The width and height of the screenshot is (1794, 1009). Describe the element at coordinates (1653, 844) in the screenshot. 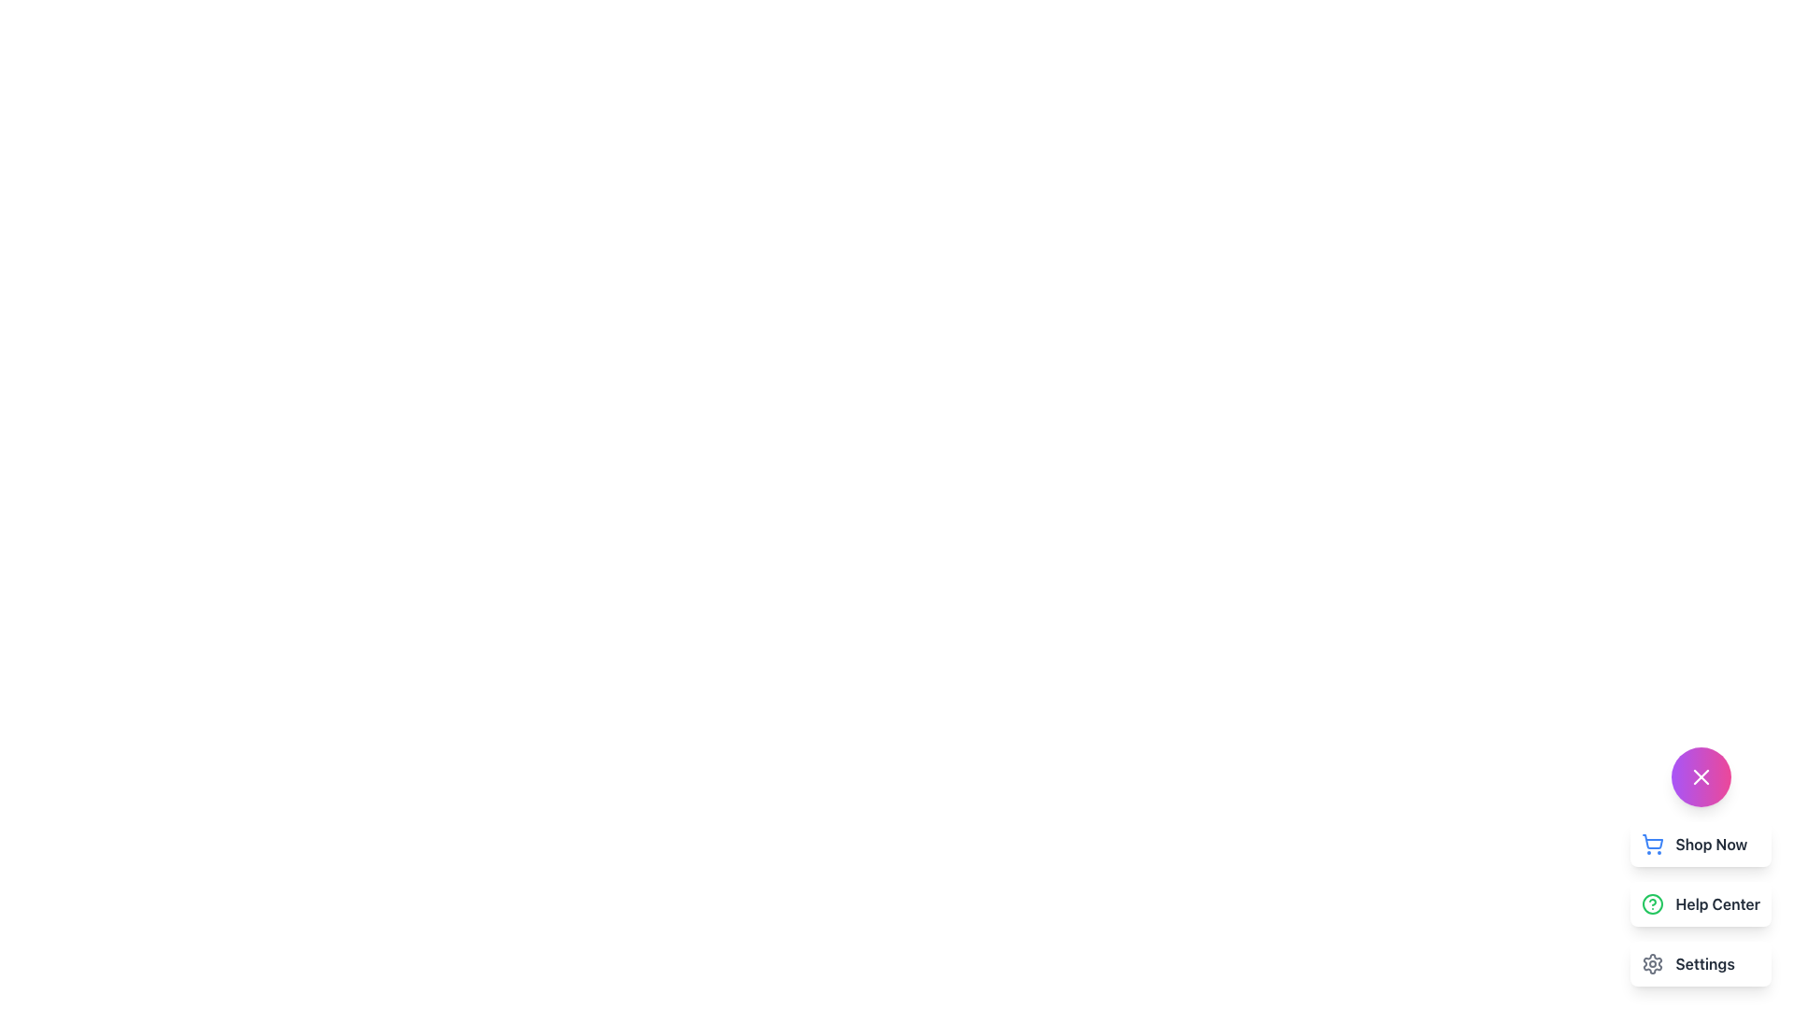

I see `the shopping cart icon located within the 'Shop Now' button to signify a shopping-related action` at that location.